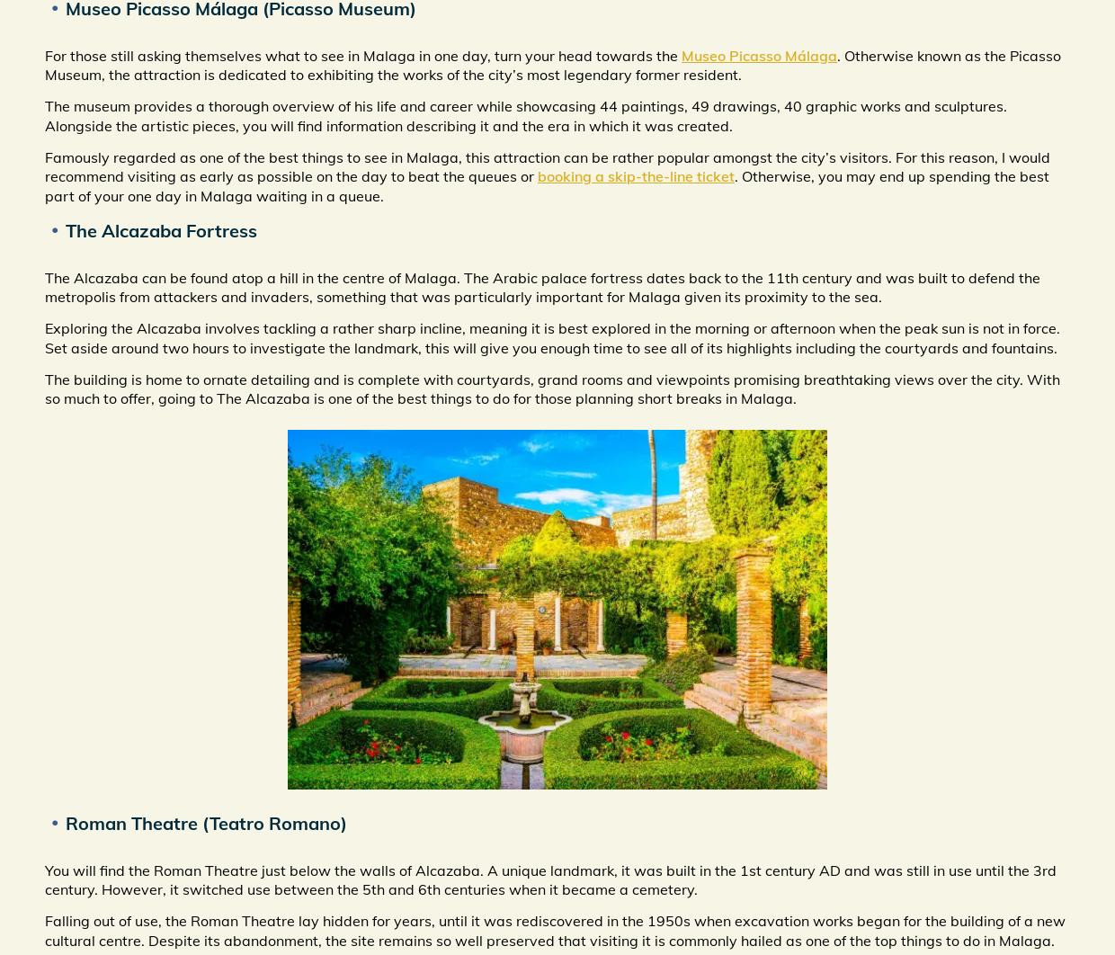 Image resolution: width=1115 pixels, height=955 pixels. Describe the element at coordinates (636, 176) in the screenshot. I see `'booking a skip-the-line ticket'` at that location.